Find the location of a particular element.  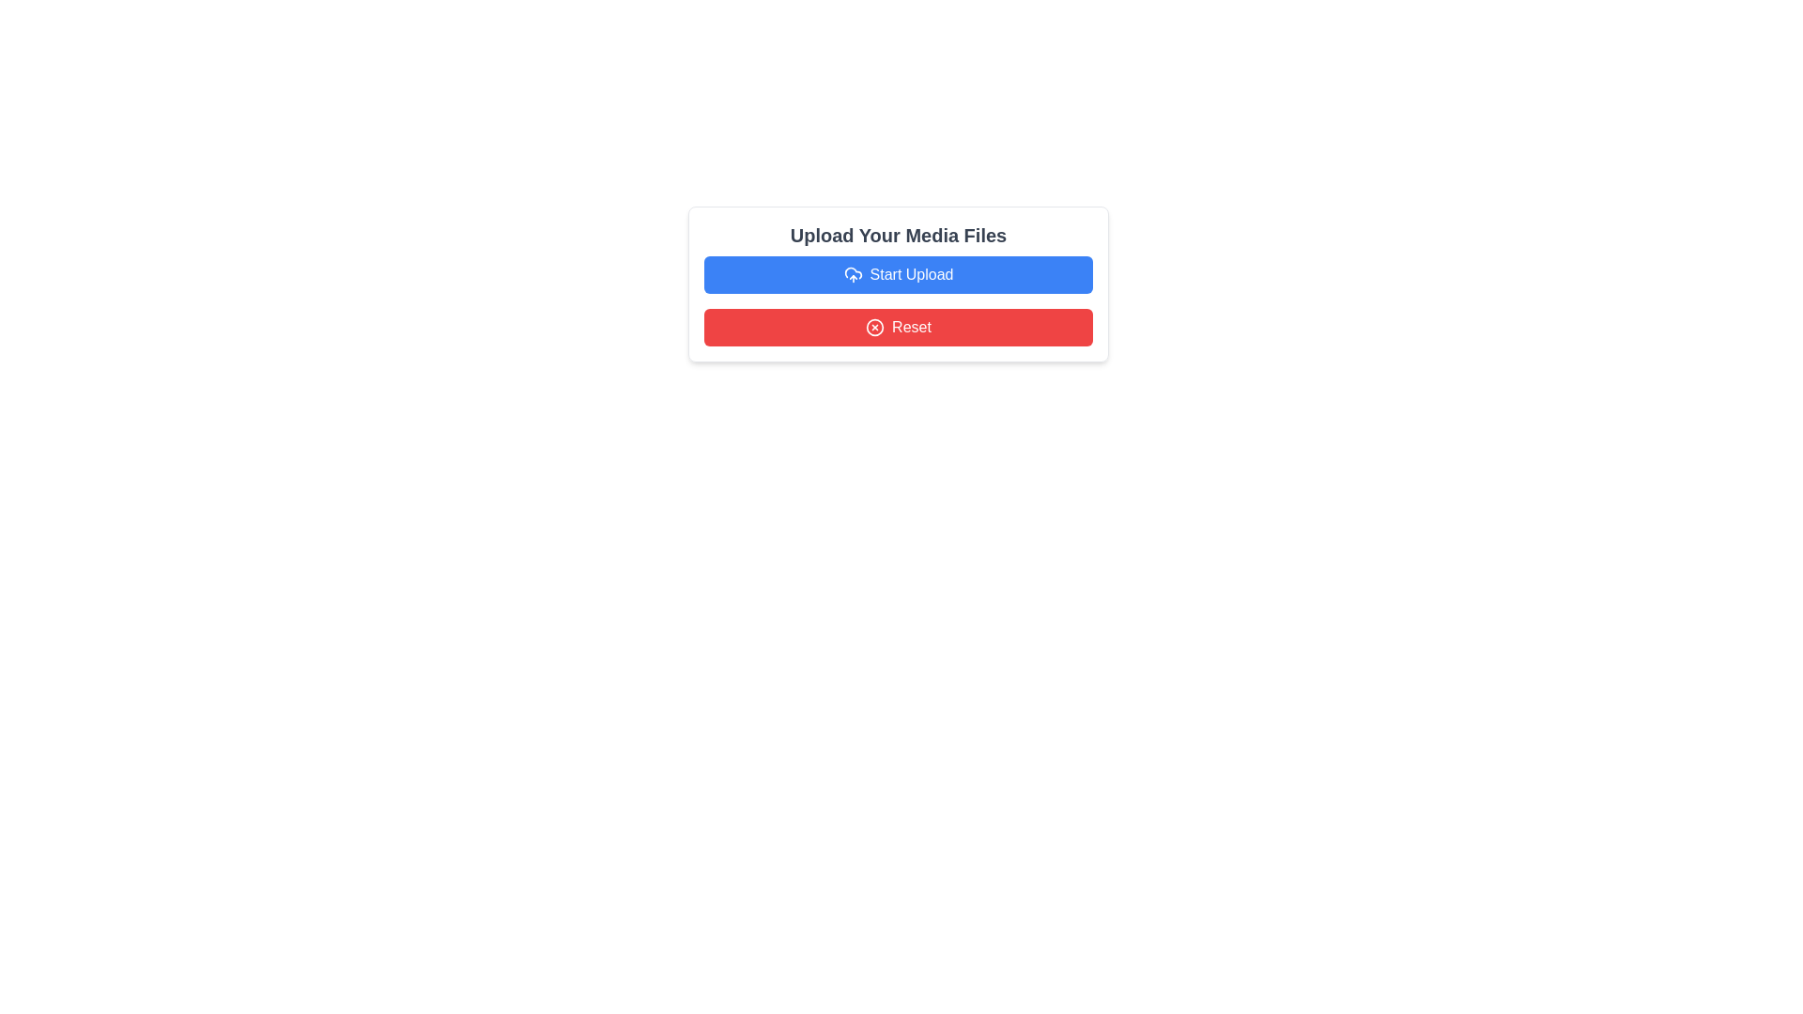

the call-to-action button for initiating an upload process, which is positioned below the header 'Upload Your Media Files' and above the 'Reset' button is located at coordinates (897, 284).